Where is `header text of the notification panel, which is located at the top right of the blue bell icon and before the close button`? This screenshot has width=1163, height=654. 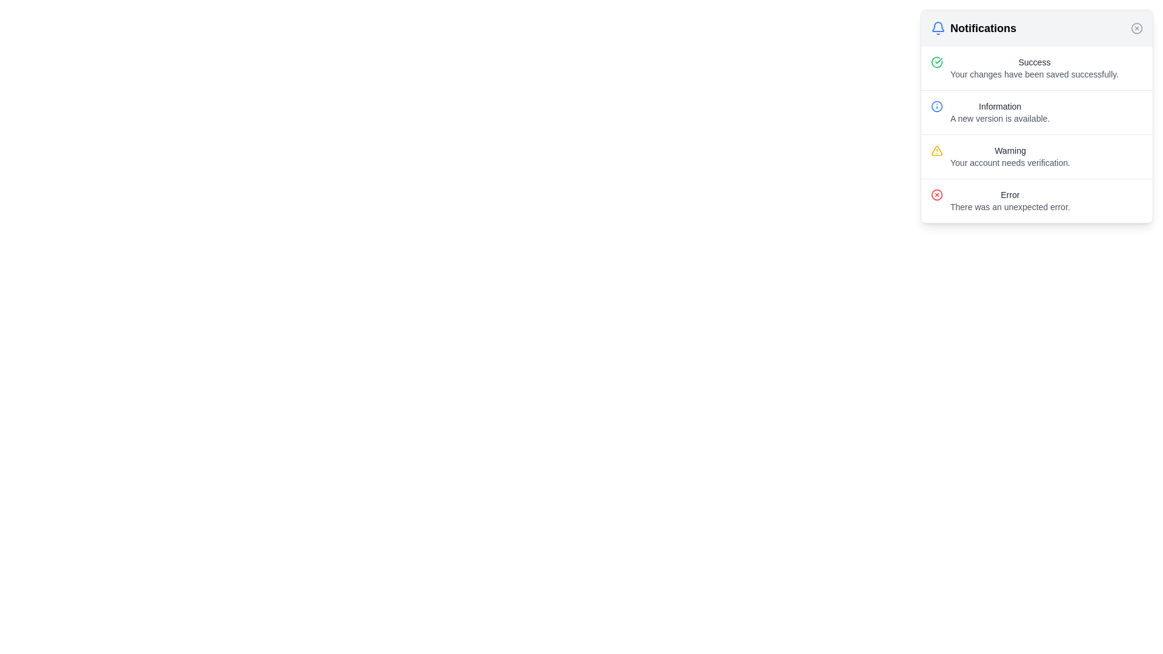
header text of the notification panel, which is located at the top right of the blue bell icon and before the close button is located at coordinates (983, 27).